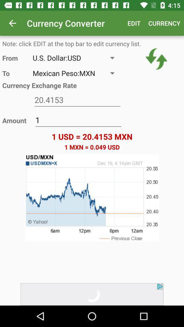 This screenshot has height=327, width=184. Describe the element at coordinates (156, 59) in the screenshot. I see `the refresh icon` at that location.